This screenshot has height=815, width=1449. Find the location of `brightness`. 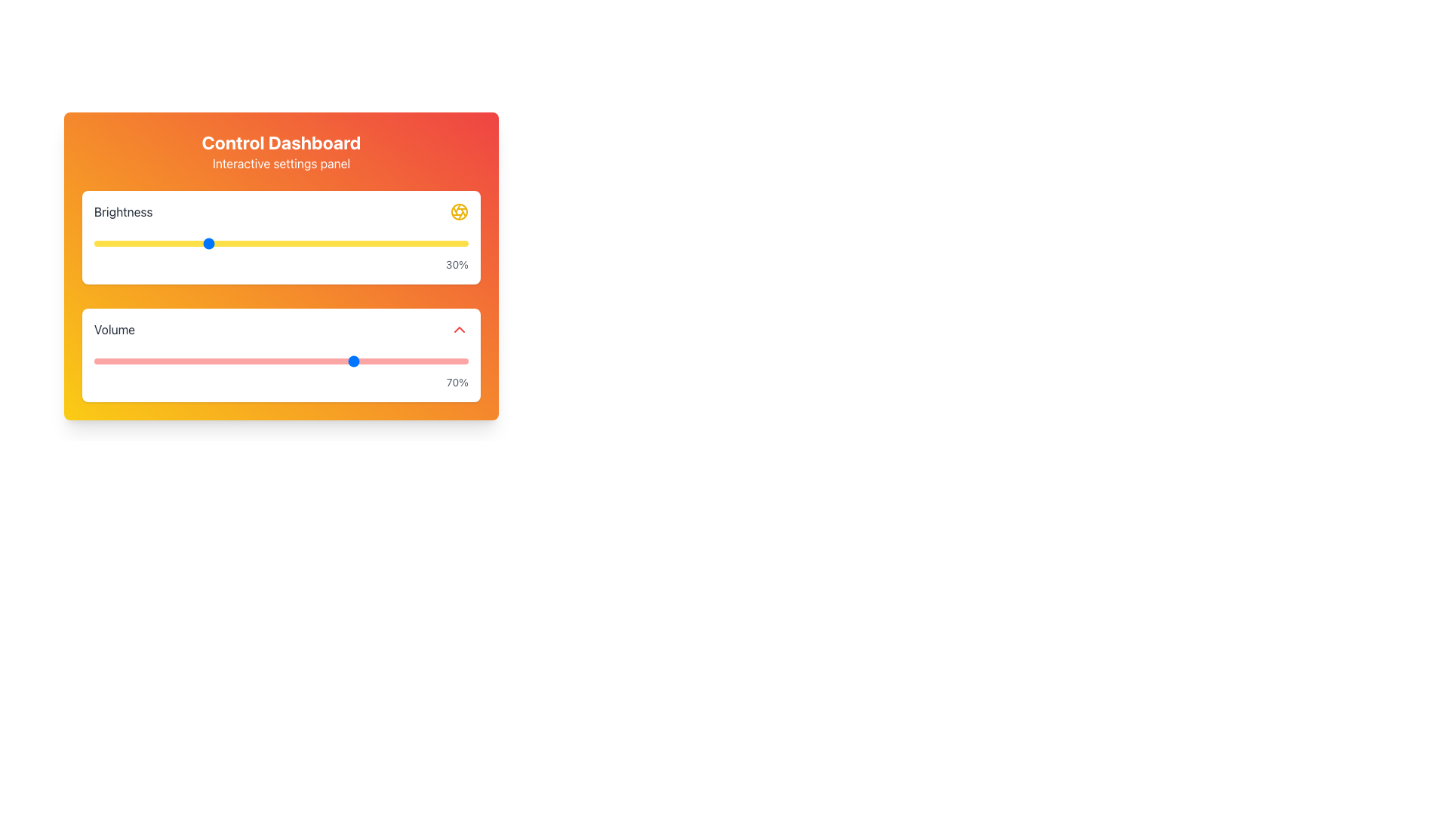

brightness is located at coordinates (386, 243).